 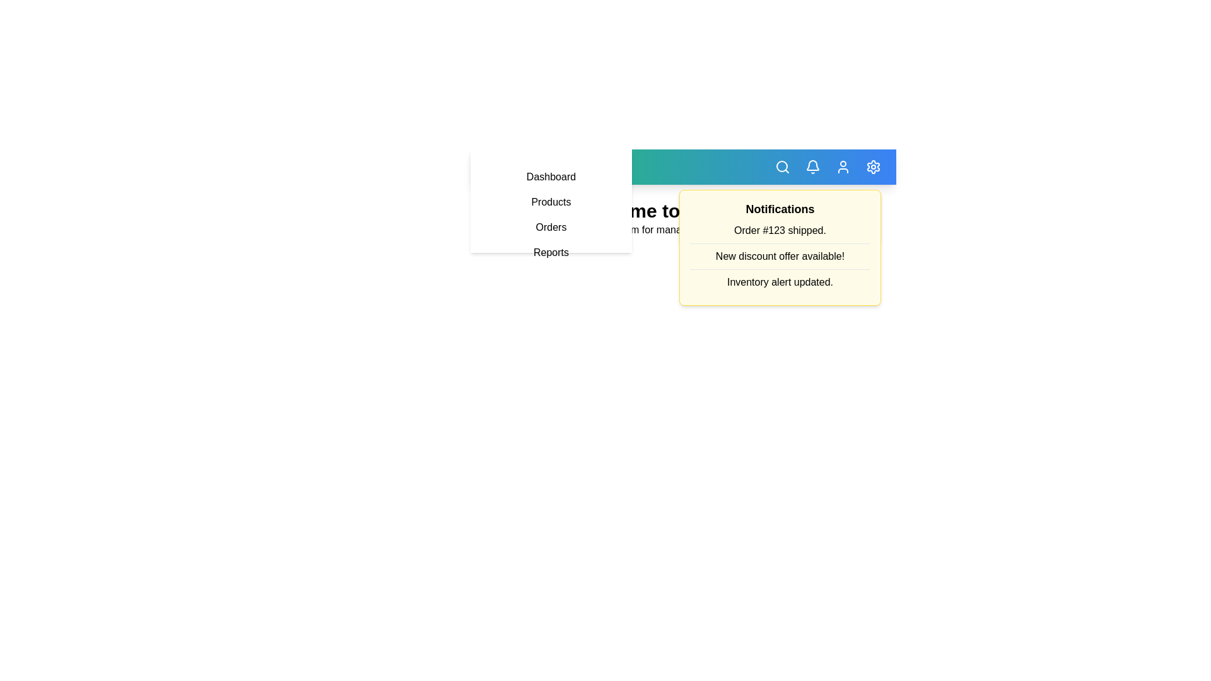 I want to click on the 'SmartShop' text label located in the upper-right portion of the interface, which is displayed in large, bold font, so click(x=551, y=166).